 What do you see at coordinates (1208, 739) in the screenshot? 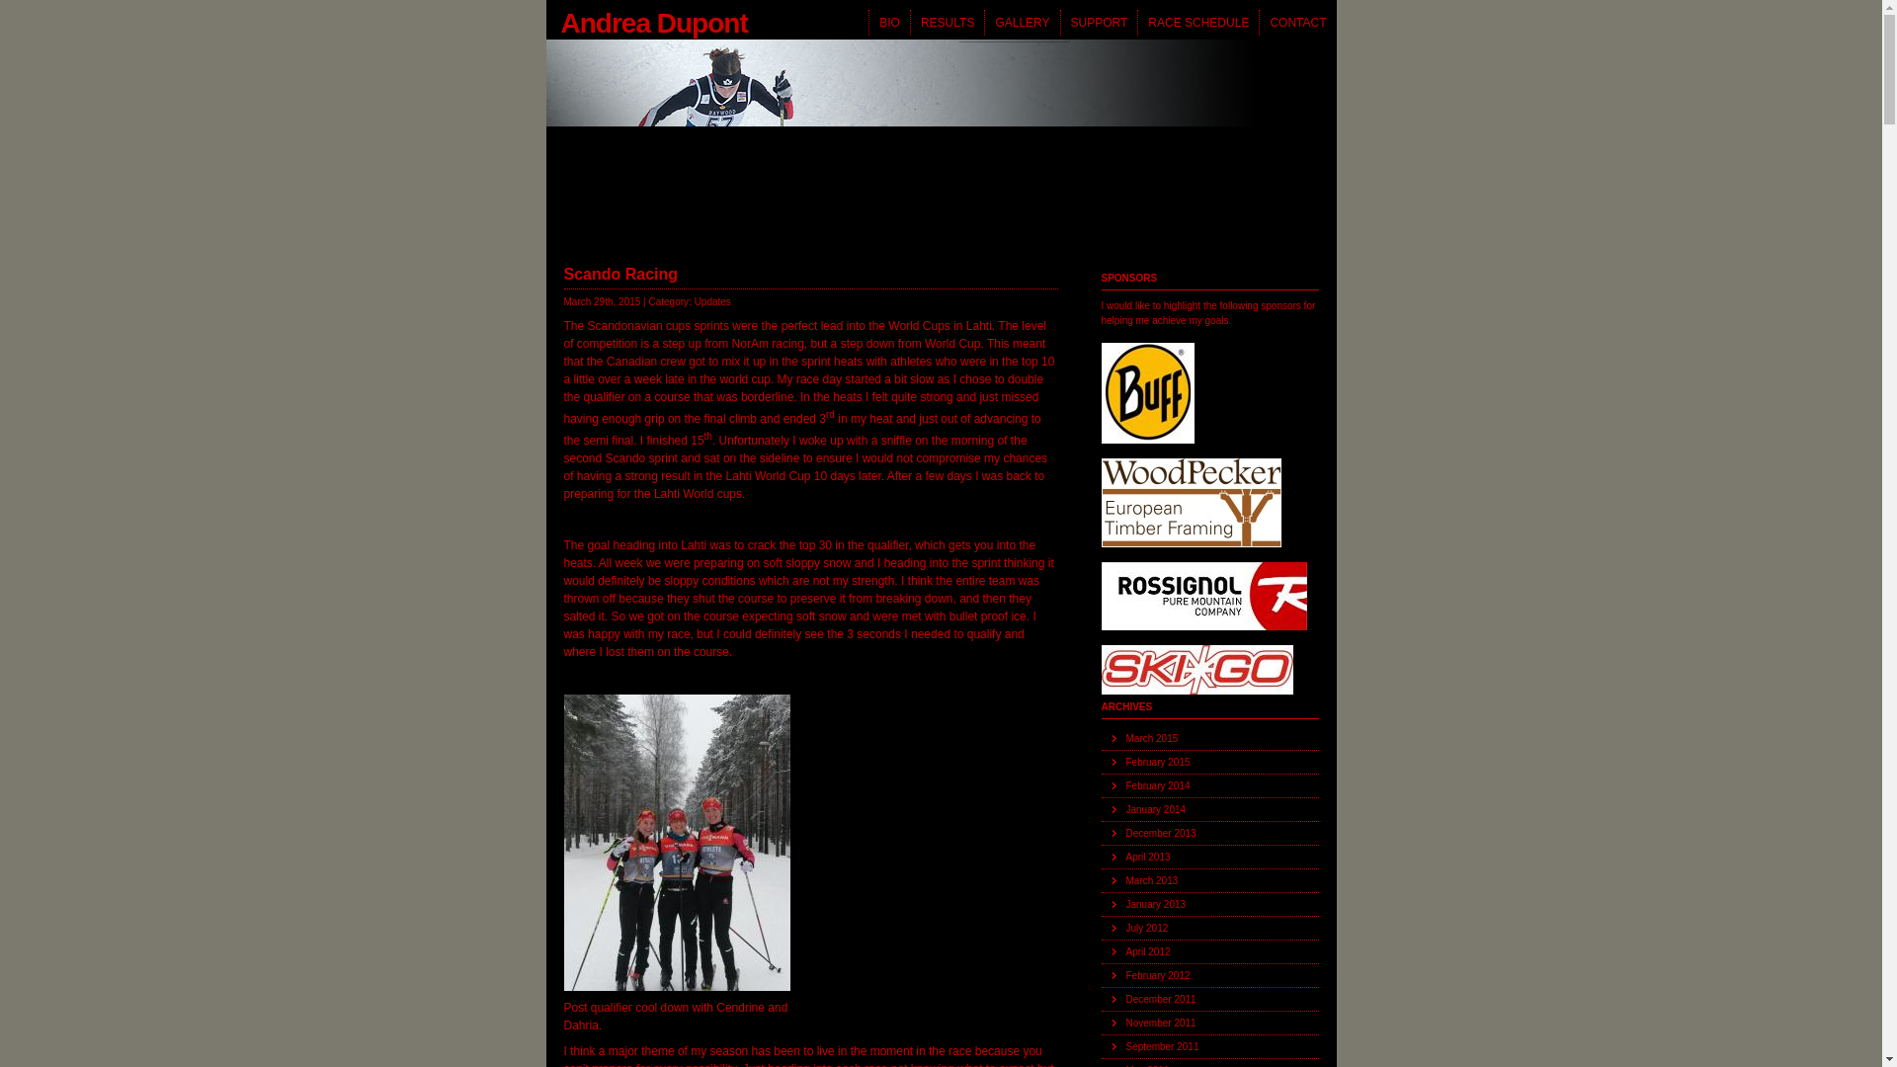
I see `'March 2015'` at bounding box center [1208, 739].